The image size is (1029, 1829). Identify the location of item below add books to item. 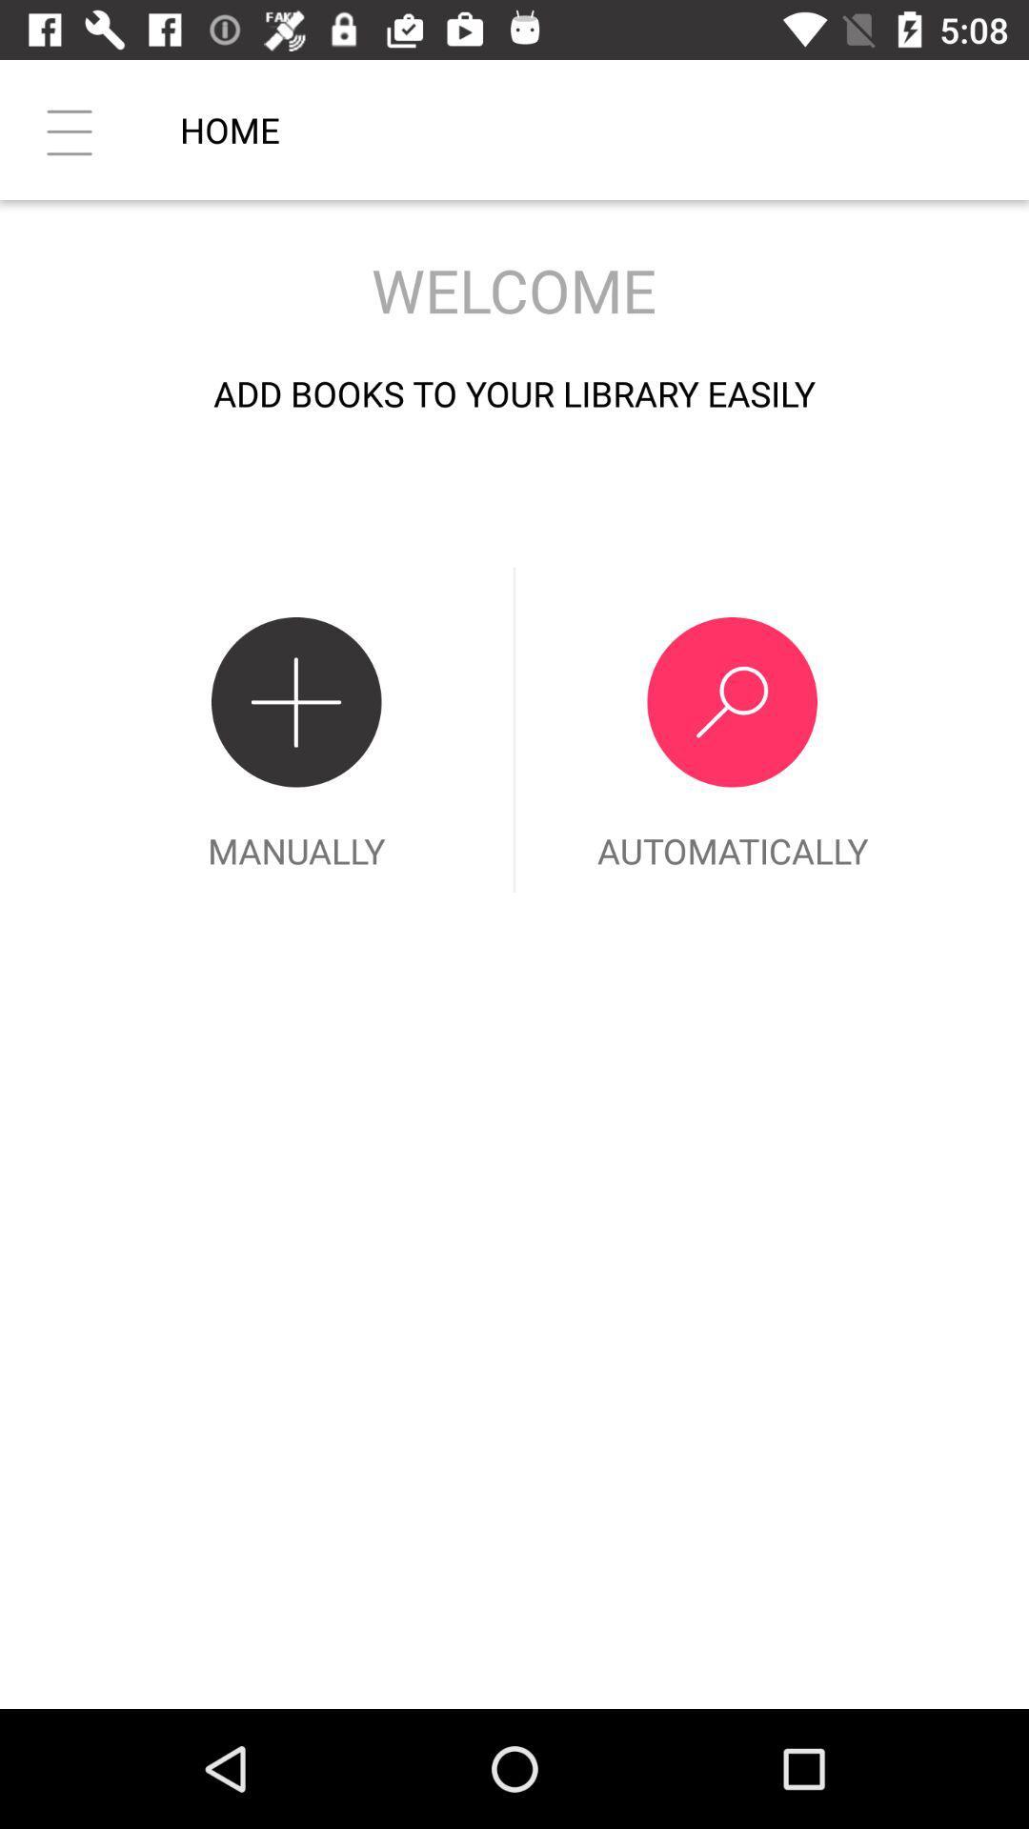
(296, 729).